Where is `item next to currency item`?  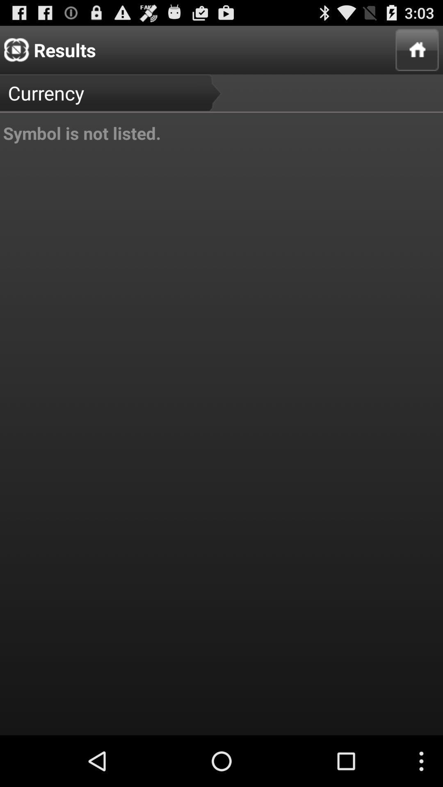 item next to currency item is located at coordinates (417, 49).